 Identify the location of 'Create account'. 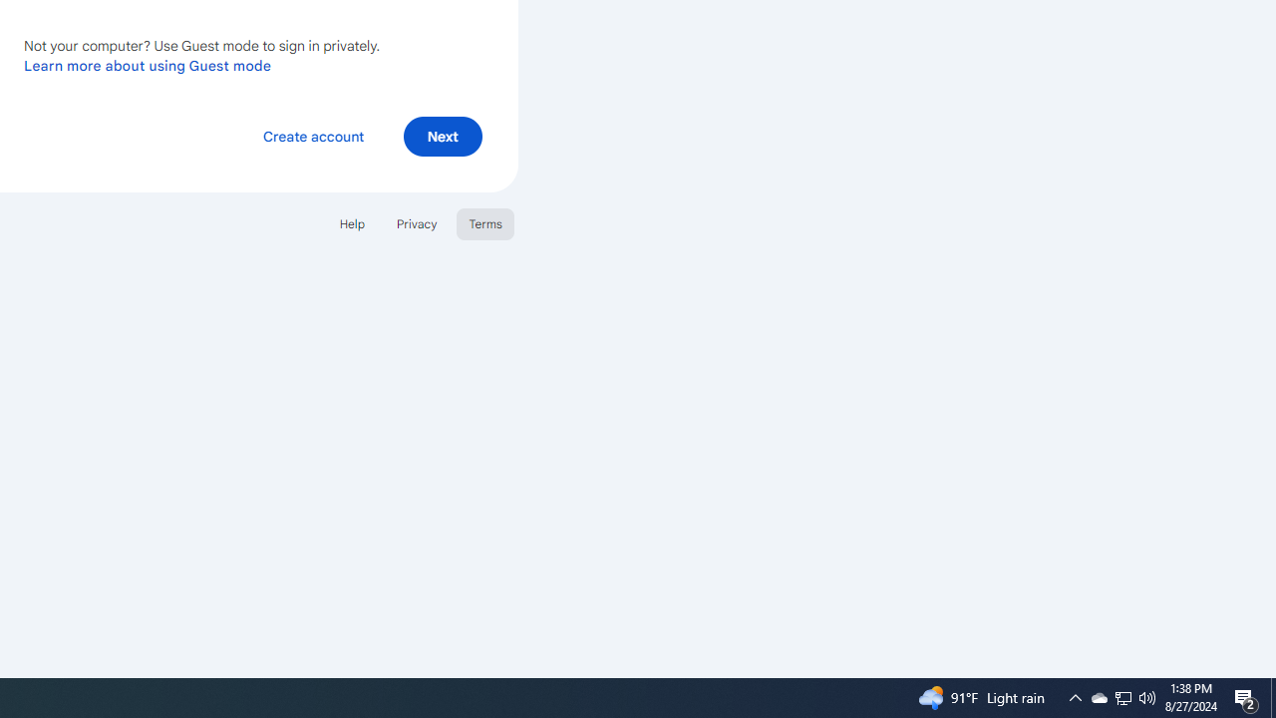
(312, 135).